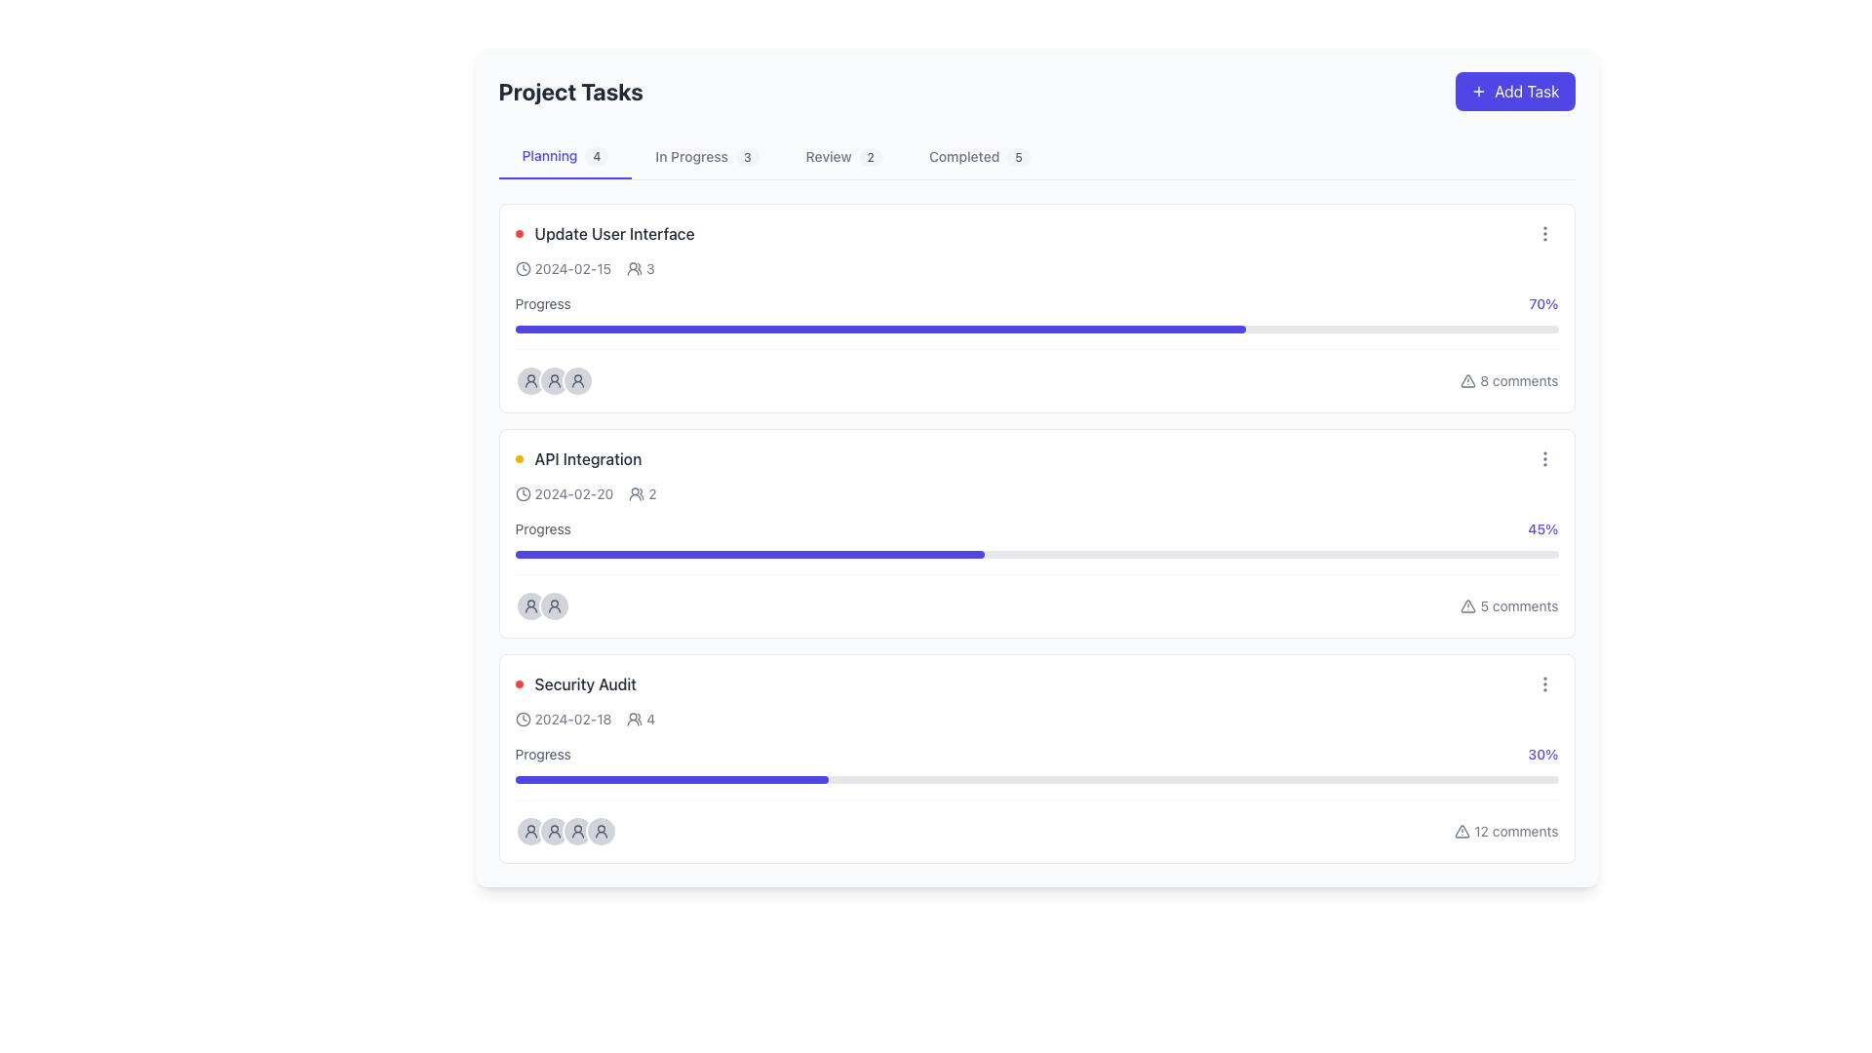 This screenshot has height=1053, width=1872. What do you see at coordinates (1035, 312) in the screenshot?
I see `the progress bar with label and percentage indicator located in the 'Update User Interface' card` at bounding box center [1035, 312].